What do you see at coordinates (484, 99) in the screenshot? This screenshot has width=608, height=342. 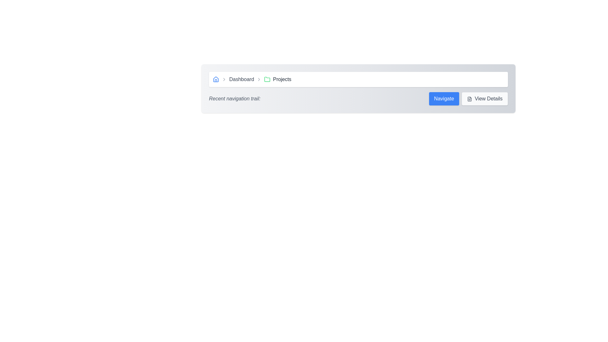 I see `the 'View Details' button, which is a rectangular button with rounded corners, light gray background, dark gray borders, and contains a file icon on the left and the text 'View Details' on the right` at bounding box center [484, 99].